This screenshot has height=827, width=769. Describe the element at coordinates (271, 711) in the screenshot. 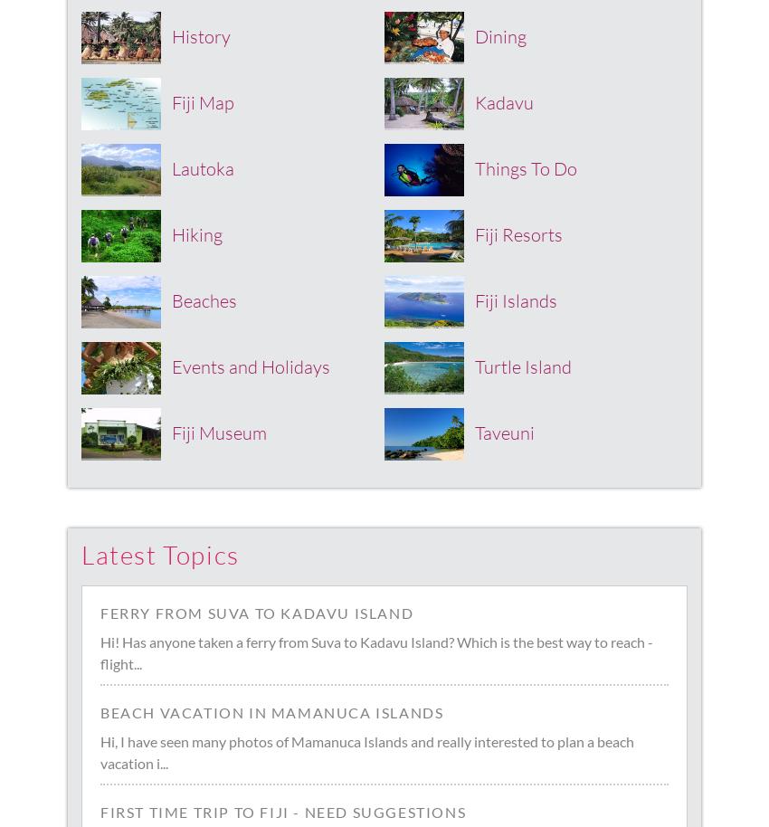

I see `'Beach vacation in Mamanuca Islands'` at that location.